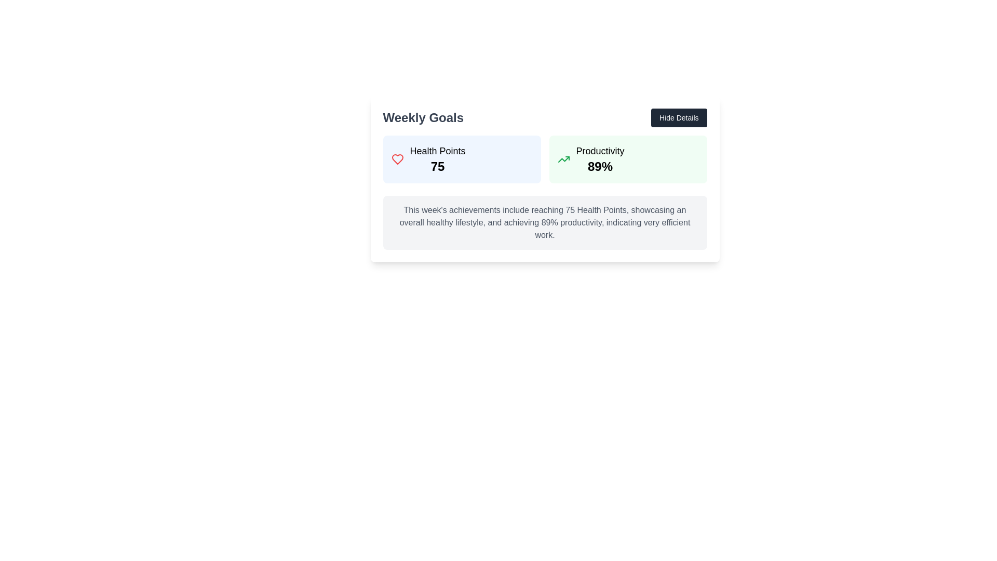  Describe the element at coordinates (438, 151) in the screenshot. I see `the text label indicating 'Health Points' located in the upper-left section of the pale blue card under the 'Weekly Goals' header, positioned above the number 75` at that location.